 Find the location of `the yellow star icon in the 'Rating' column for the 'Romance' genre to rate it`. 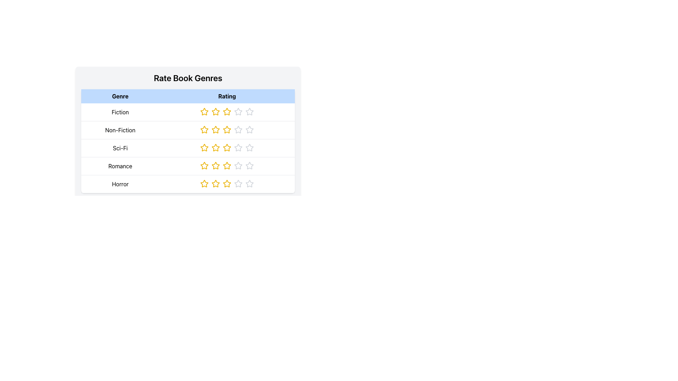

the yellow star icon in the 'Rating' column for the 'Romance' genre to rate it is located at coordinates (204, 166).